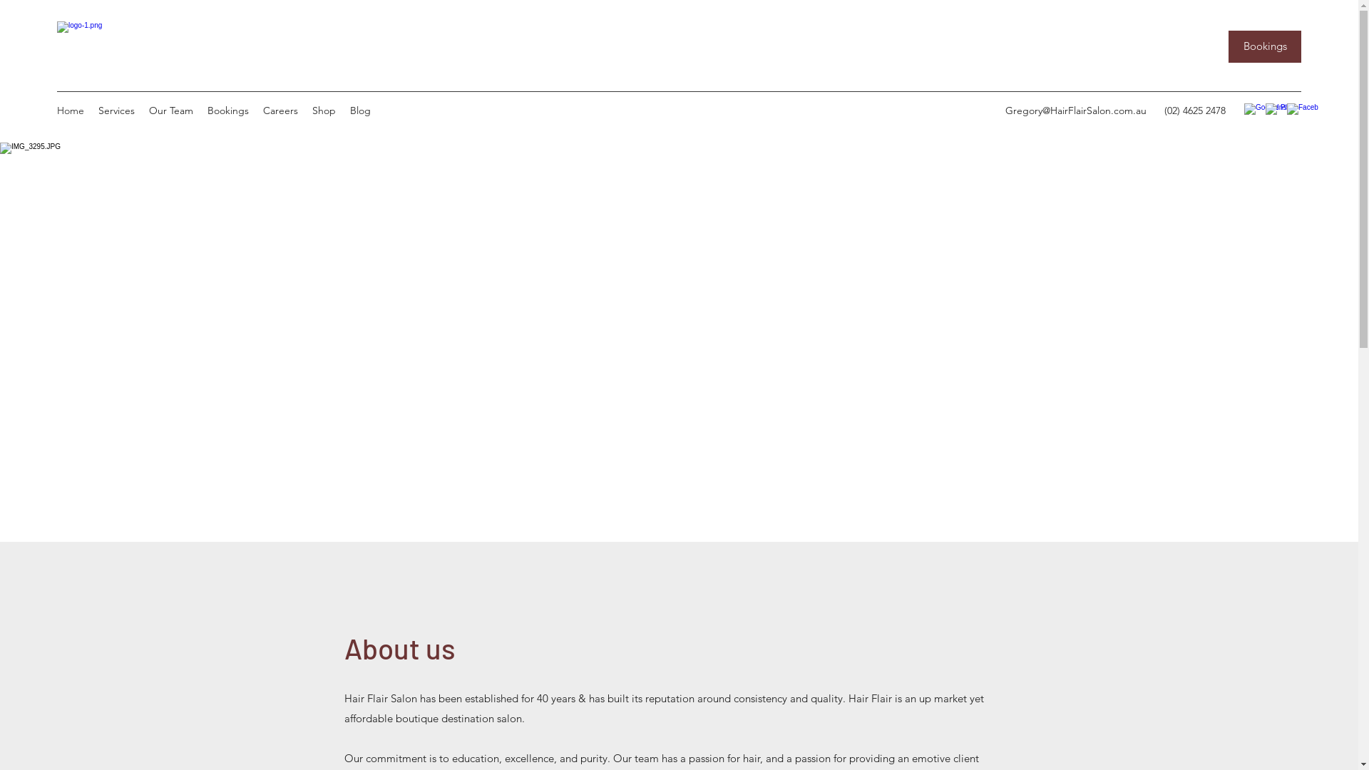  What do you see at coordinates (91, 109) in the screenshot?
I see `'Services'` at bounding box center [91, 109].